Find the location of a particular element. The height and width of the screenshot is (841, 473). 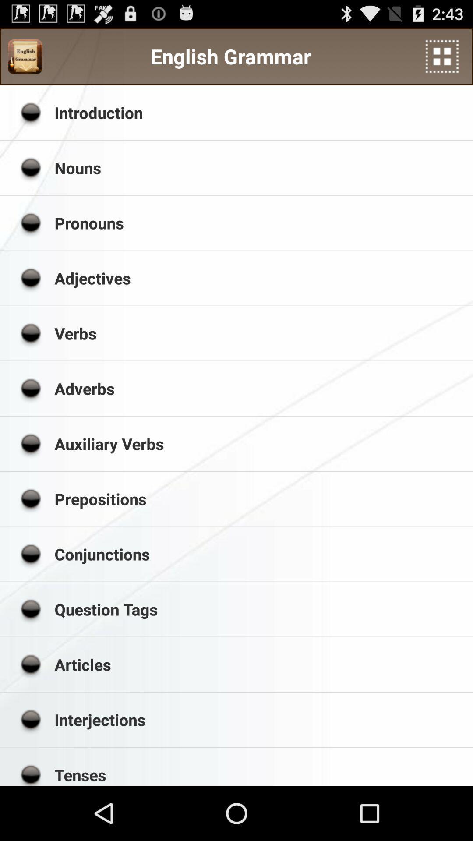

open menu is located at coordinates (442, 56).